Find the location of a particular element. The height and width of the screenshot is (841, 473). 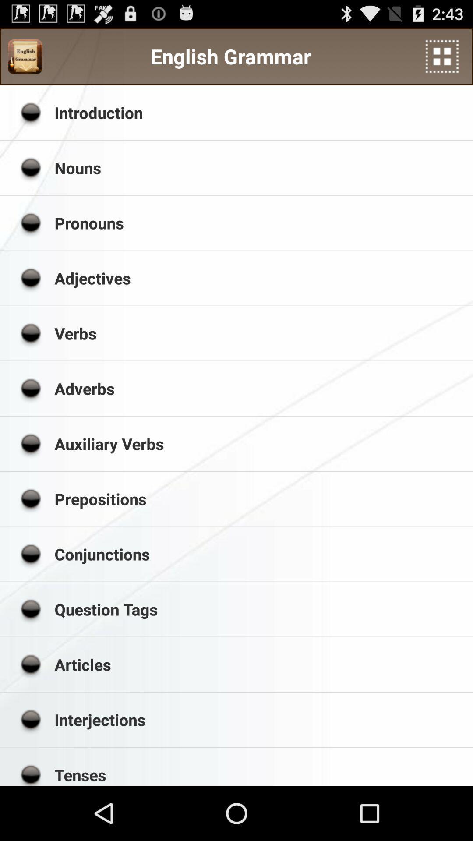

open menu is located at coordinates (442, 56).